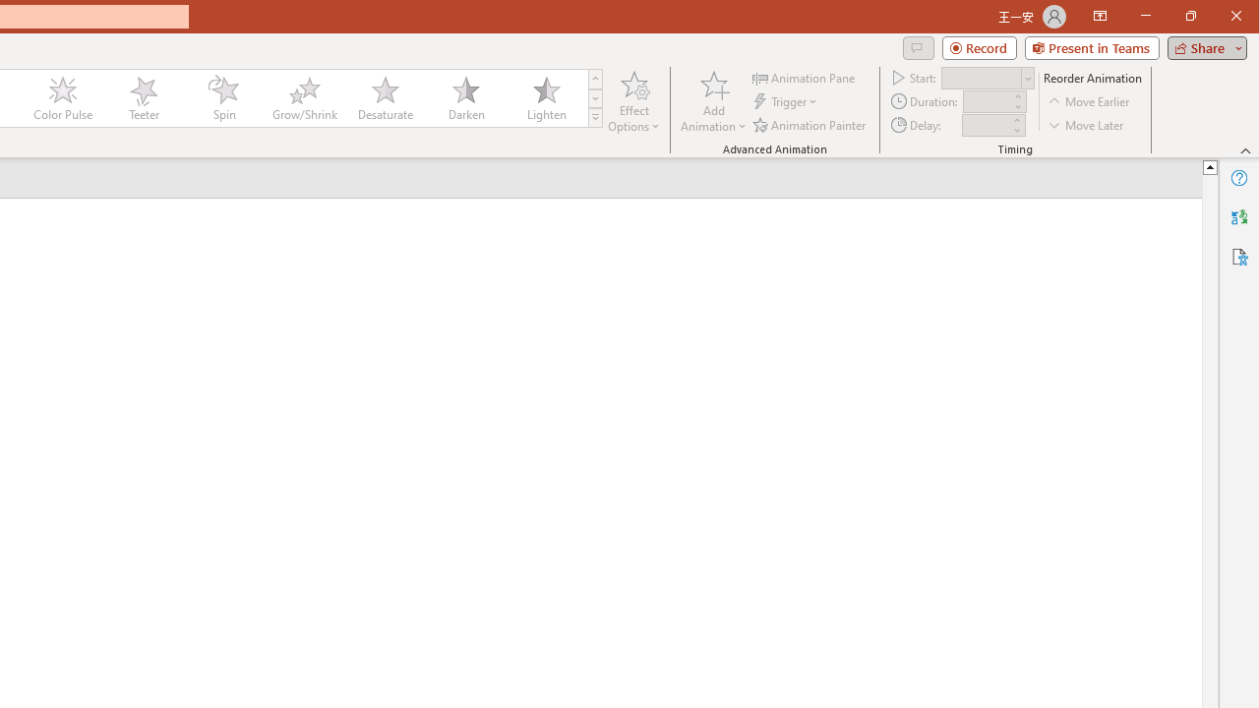 The width and height of the screenshot is (1259, 708). What do you see at coordinates (223, 98) in the screenshot?
I see `'Spin'` at bounding box center [223, 98].